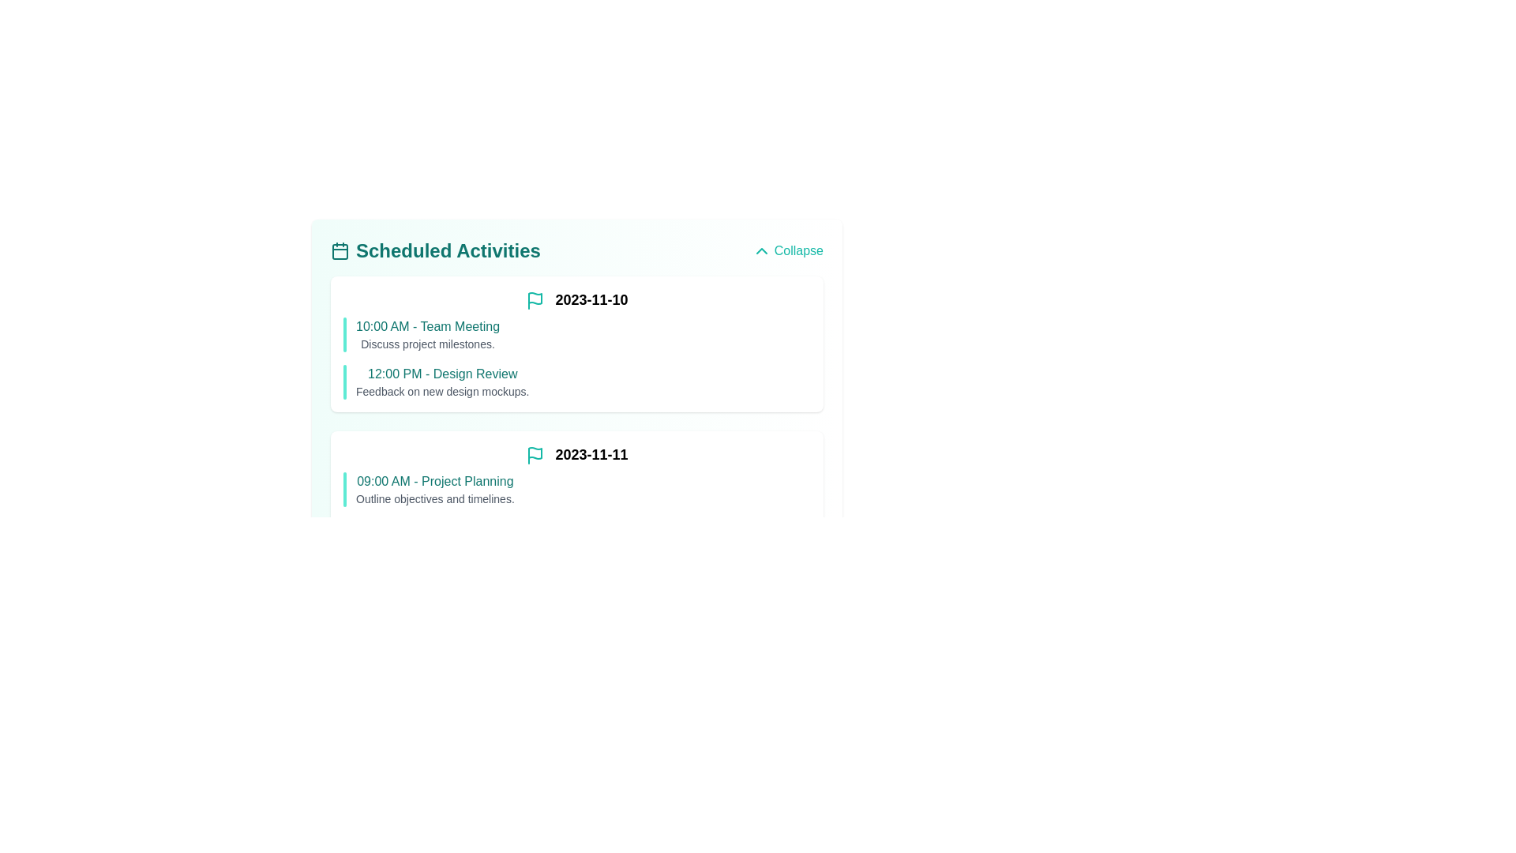  What do you see at coordinates (340, 250) in the screenshot?
I see `the calendar icon located to the left of the 'Scheduled Activities' header, which visually represents calendar functionality` at bounding box center [340, 250].